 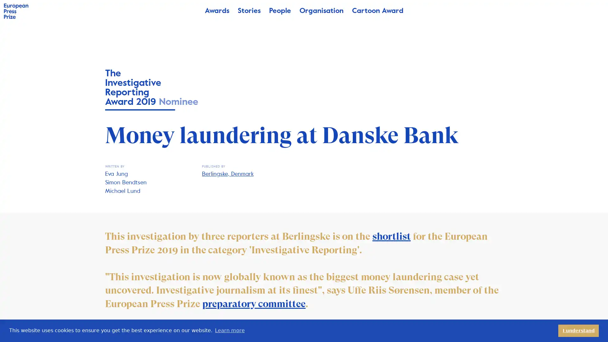 I want to click on dismiss cookie message, so click(x=579, y=330).